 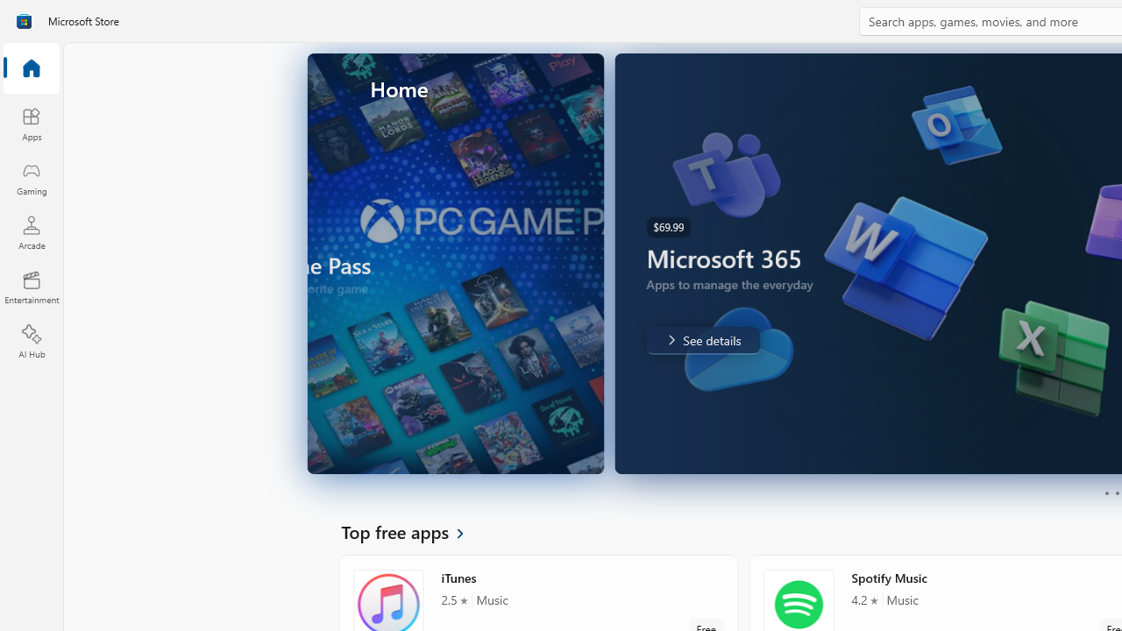 What do you see at coordinates (412, 530) in the screenshot?
I see `'See all  Top free apps'` at bounding box center [412, 530].